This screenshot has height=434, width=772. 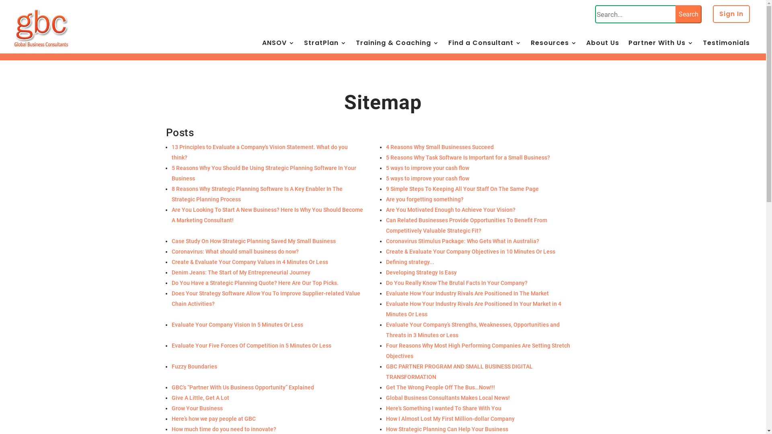 I want to click on 'Find a Consultant', so click(x=448, y=48).